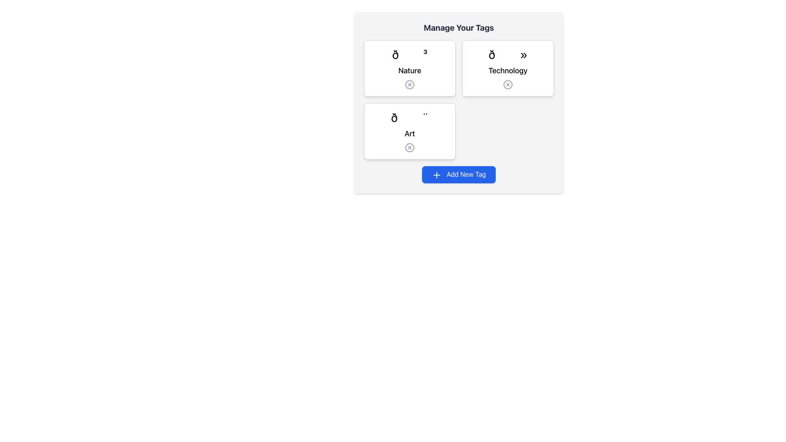 This screenshot has width=786, height=442. Describe the element at coordinates (436, 174) in the screenshot. I see `the minimalistic '+' icon located inside the blue button labeled 'Add New Tag' at the bottom-center area of the interface` at that location.